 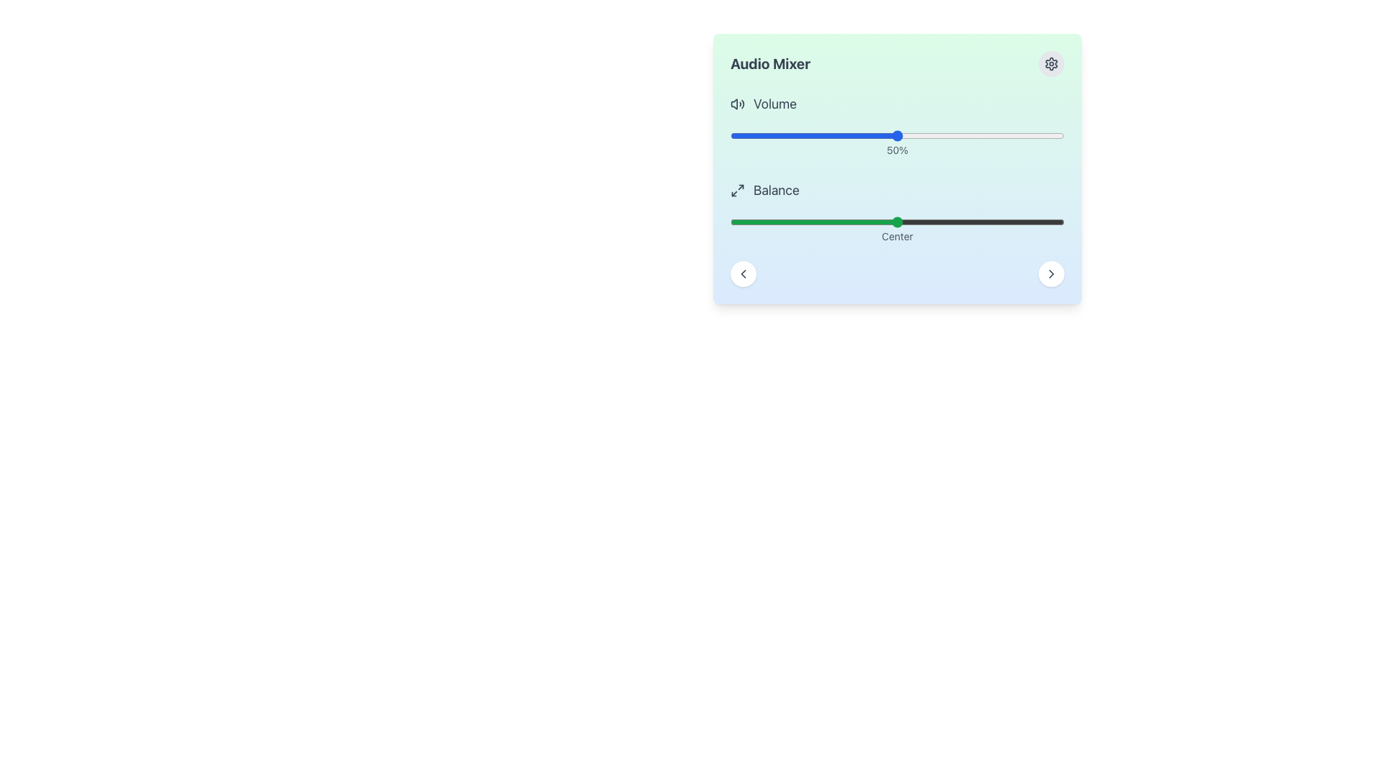 What do you see at coordinates (769, 222) in the screenshot?
I see `balance` at bounding box center [769, 222].